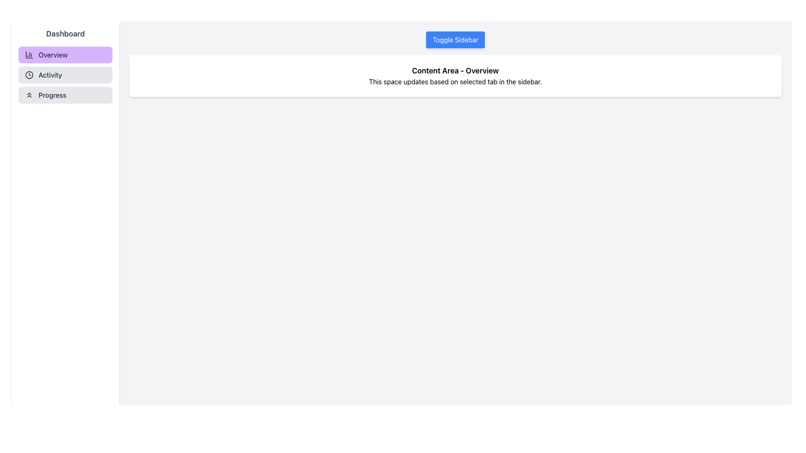 Image resolution: width=806 pixels, height=453 pixels. Describe the element at coordinates (455, 40) in the screenshot. I see `the toggle button for the sidebar, located at the top center of the main content area` at that location.